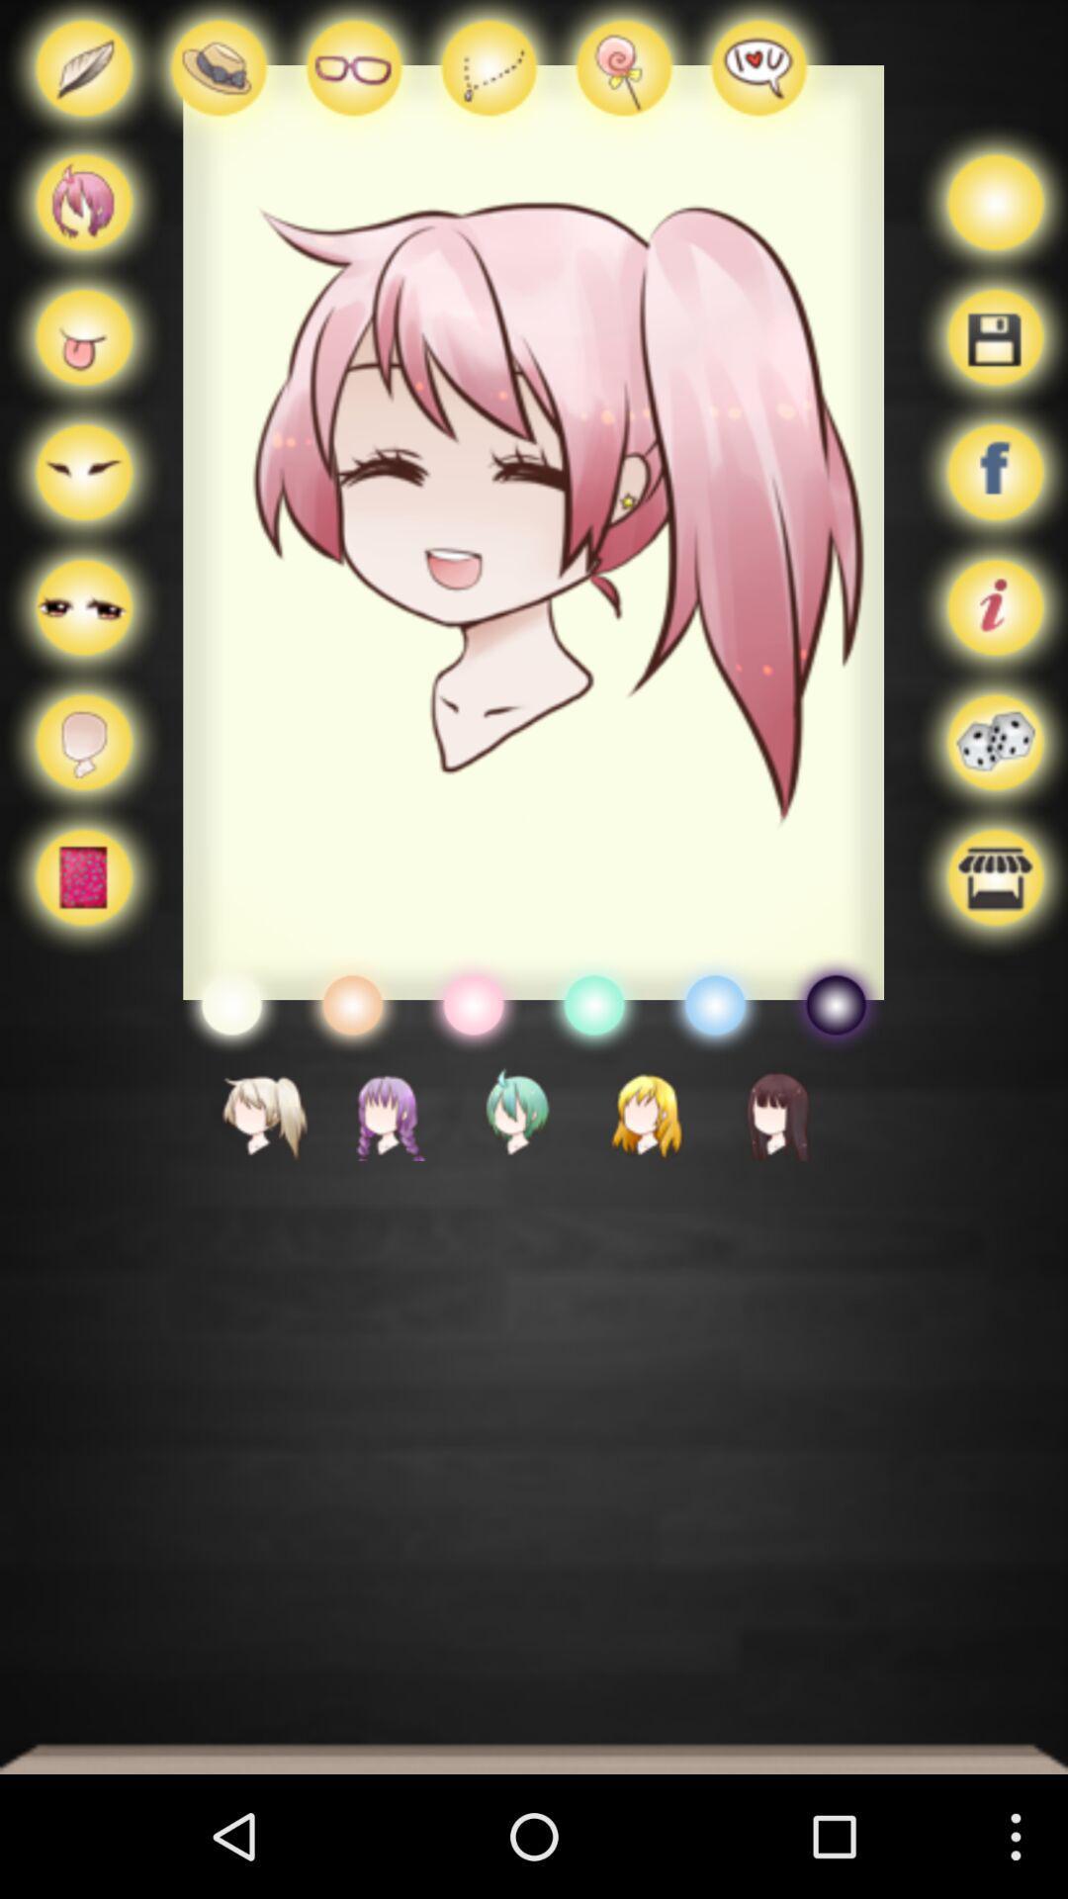  I want to click on the emoji icon, so click(473, 1074).